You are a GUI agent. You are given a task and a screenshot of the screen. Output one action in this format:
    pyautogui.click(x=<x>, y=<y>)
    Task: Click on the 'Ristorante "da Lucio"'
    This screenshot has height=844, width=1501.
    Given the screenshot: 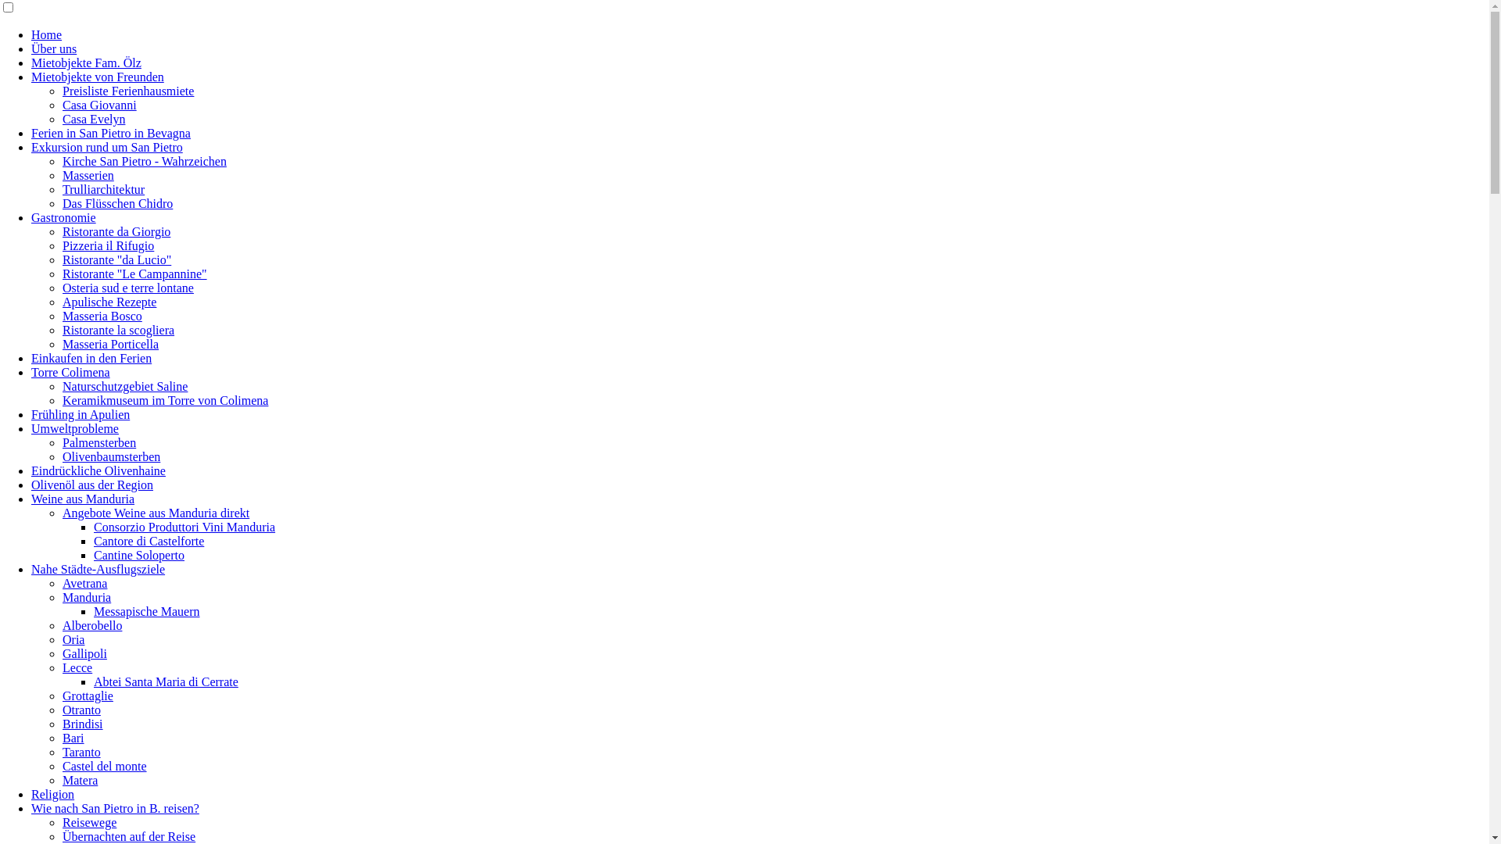 What is the action you would take?
    pyautogui.click(x=63, y=259)
    